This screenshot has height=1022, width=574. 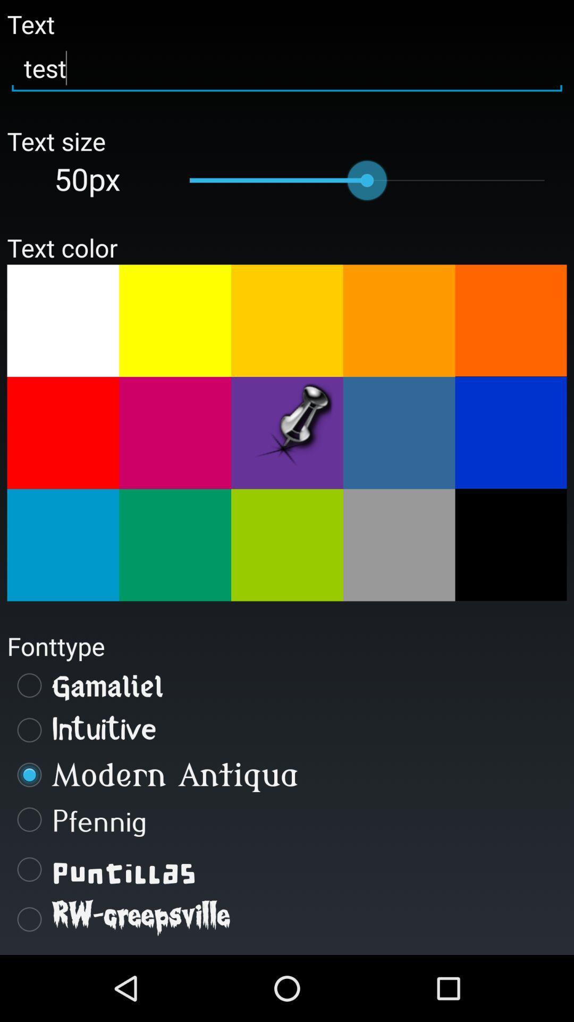 What do you see at coordinates (63, 320) in the screenshot?
I see `text color` at bounding box center [63, 320].